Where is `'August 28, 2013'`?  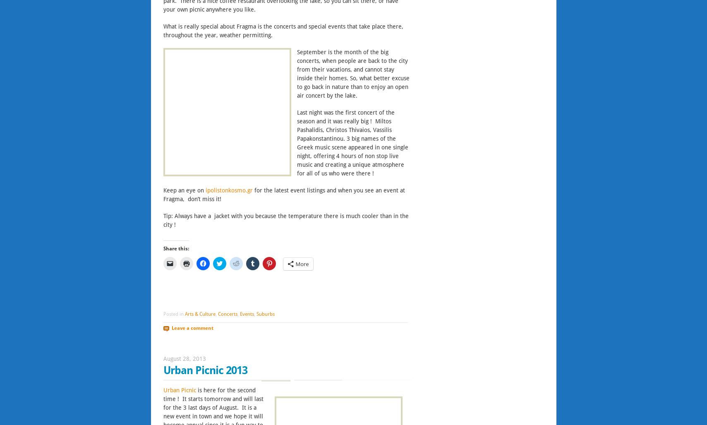
'August 28, 2013' is located at coordinates (184, 359).